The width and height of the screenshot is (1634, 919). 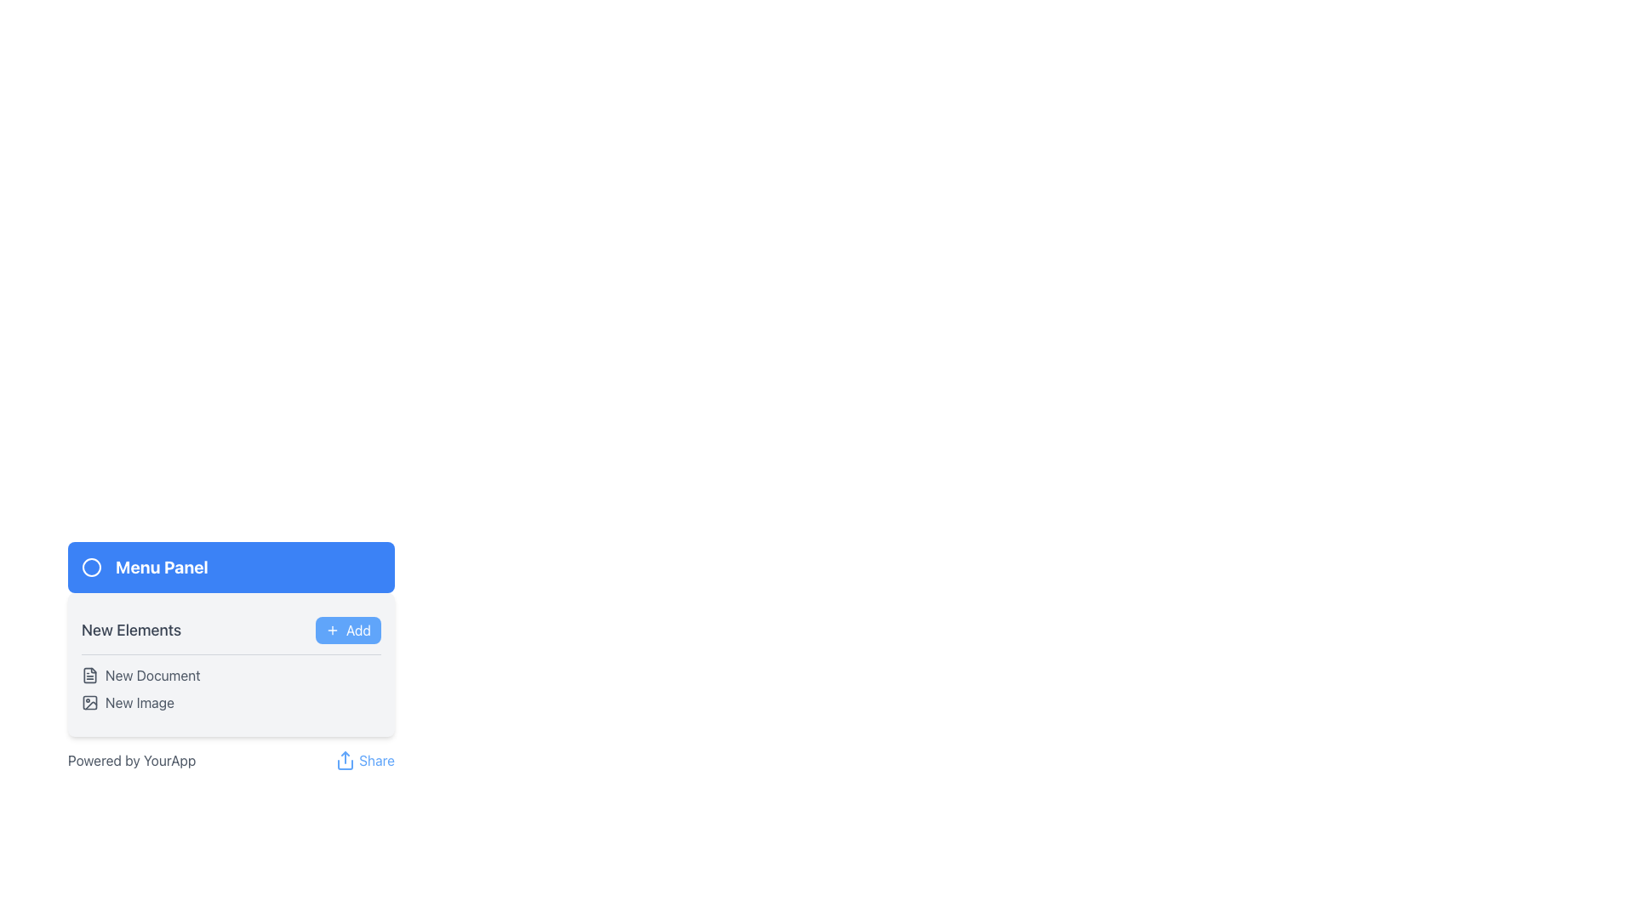 I want to click on the add icon embedded within the 'Add' button located in the top right corner of the 'New Elements' grouping, so click(x=332, y=630).